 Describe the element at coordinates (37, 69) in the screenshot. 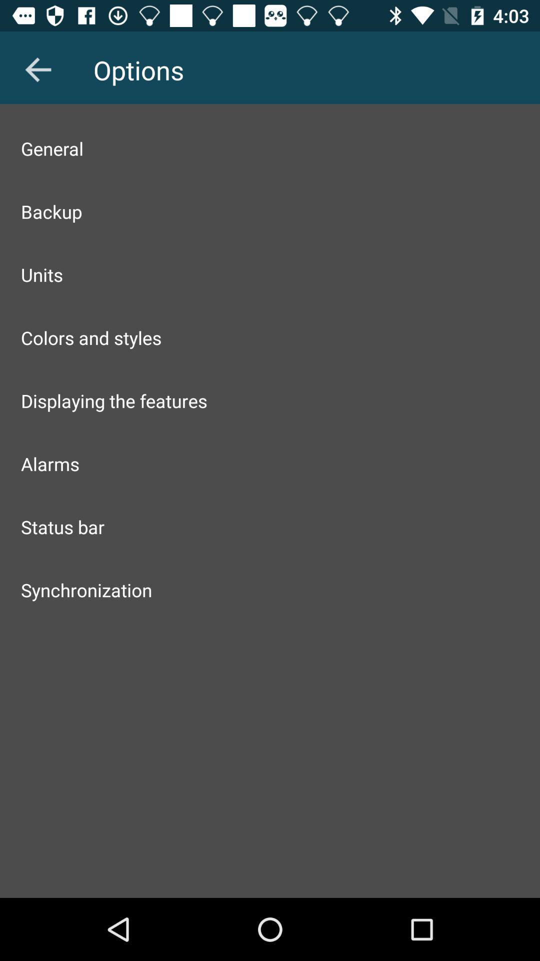

I see `the icon next to options item` at that location.